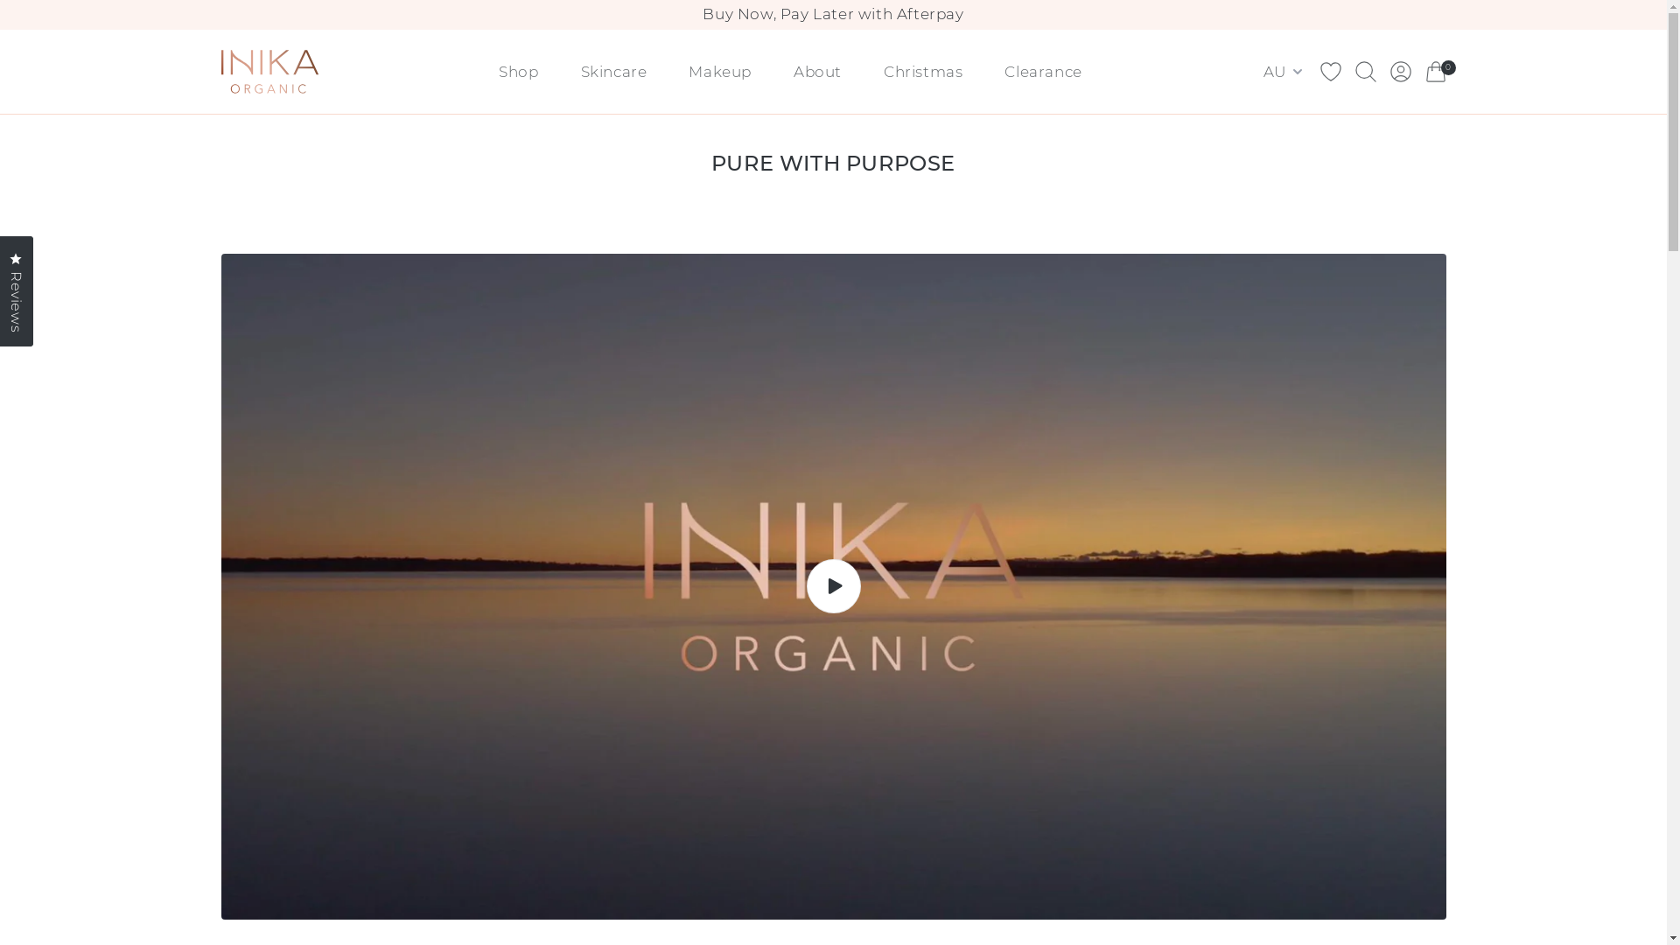  I want to click on 'Clearance', so click(1042, 70).